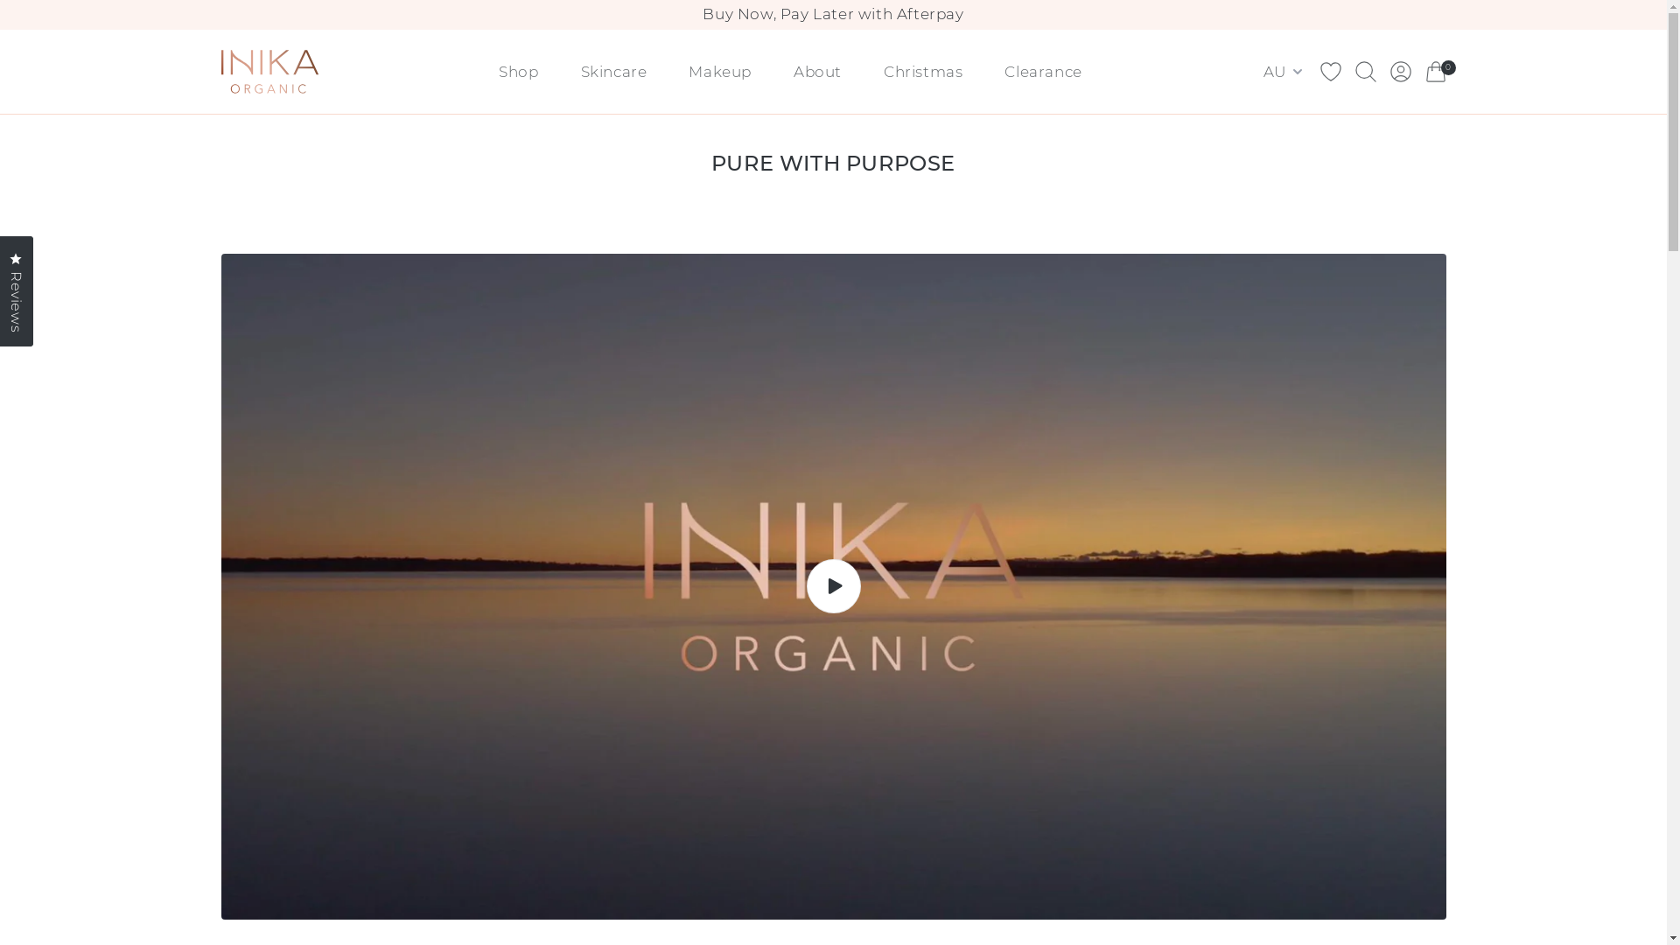  I want to click on 'Clearance', so click(1042, 70).